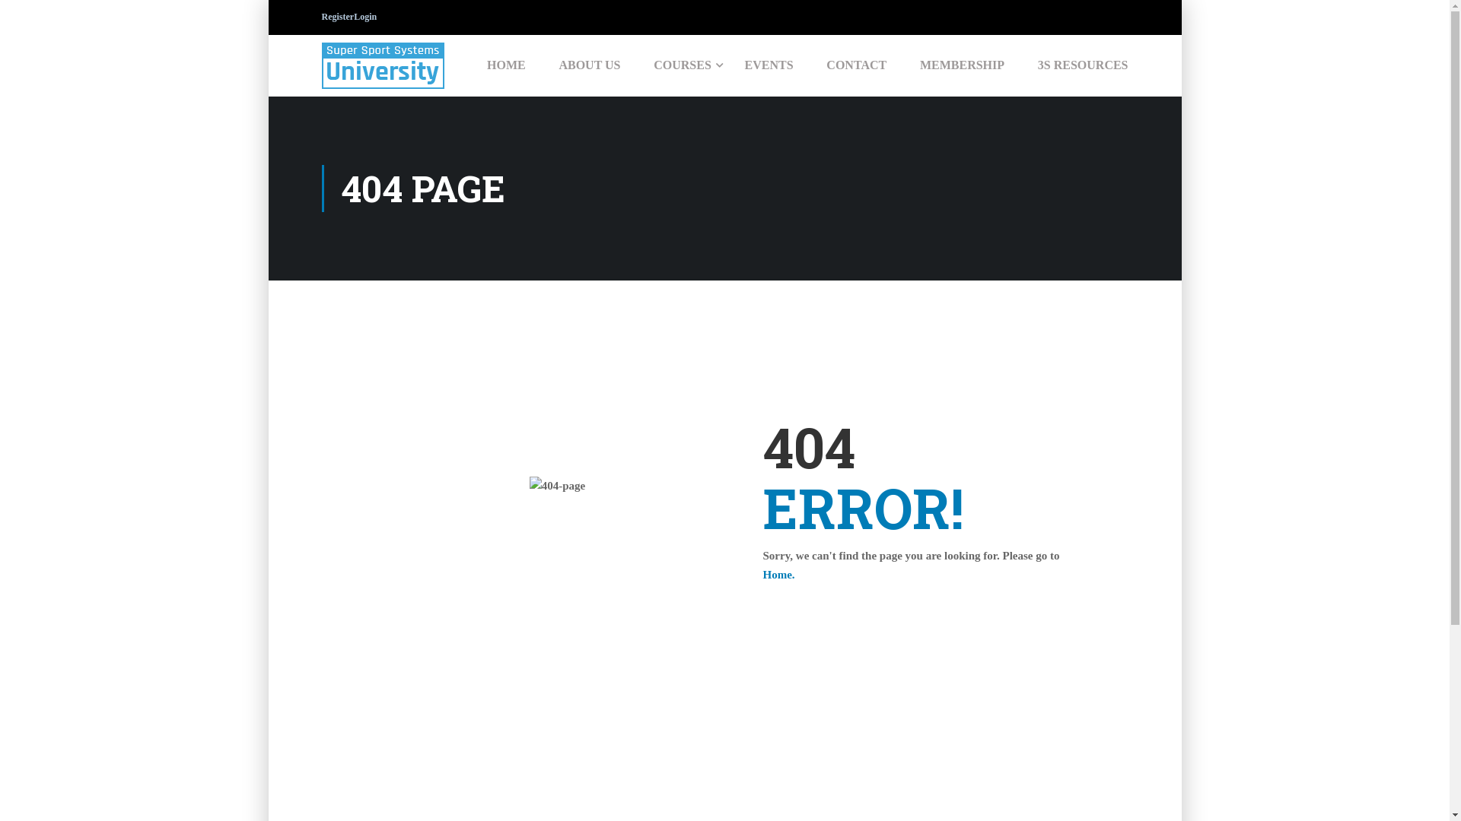 This screenshot has height=821, width=1461. I want to click on 'COURSES', so click(682, 64).